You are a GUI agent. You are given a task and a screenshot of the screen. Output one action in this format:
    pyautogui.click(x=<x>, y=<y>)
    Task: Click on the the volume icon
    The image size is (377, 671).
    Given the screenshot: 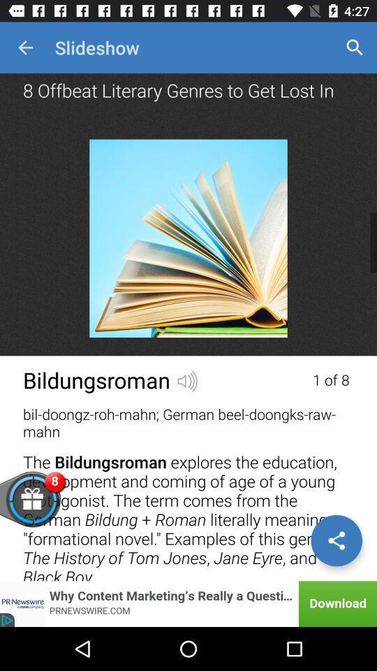 What is the action you would take?
    pyautogui.click(x=187, y=380)
    